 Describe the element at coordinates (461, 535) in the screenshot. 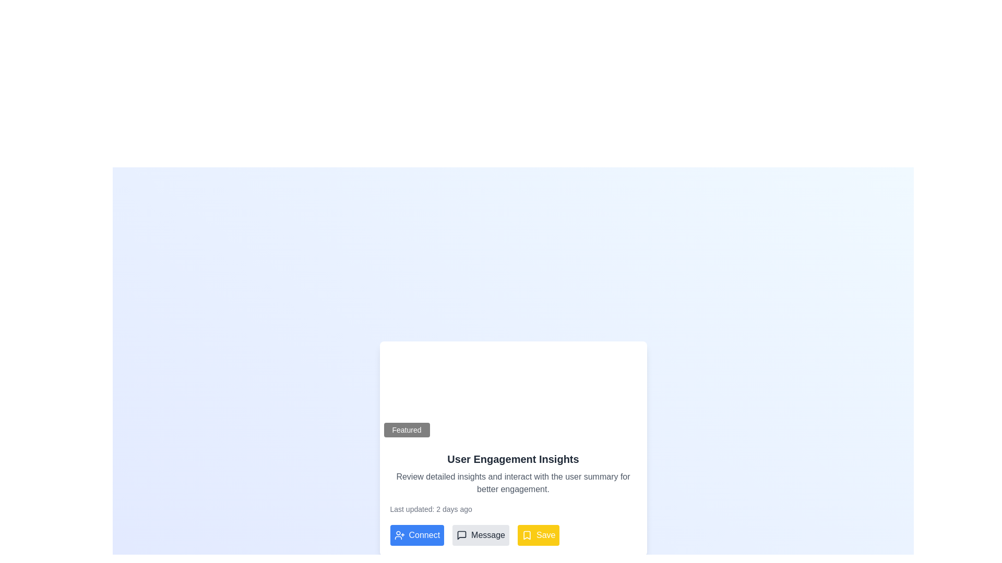

I see `the messaging icon located centrally in the user interface, just below the 'Message' button, adjacent to the 'Connect' and 'Save' buttons` at that location.